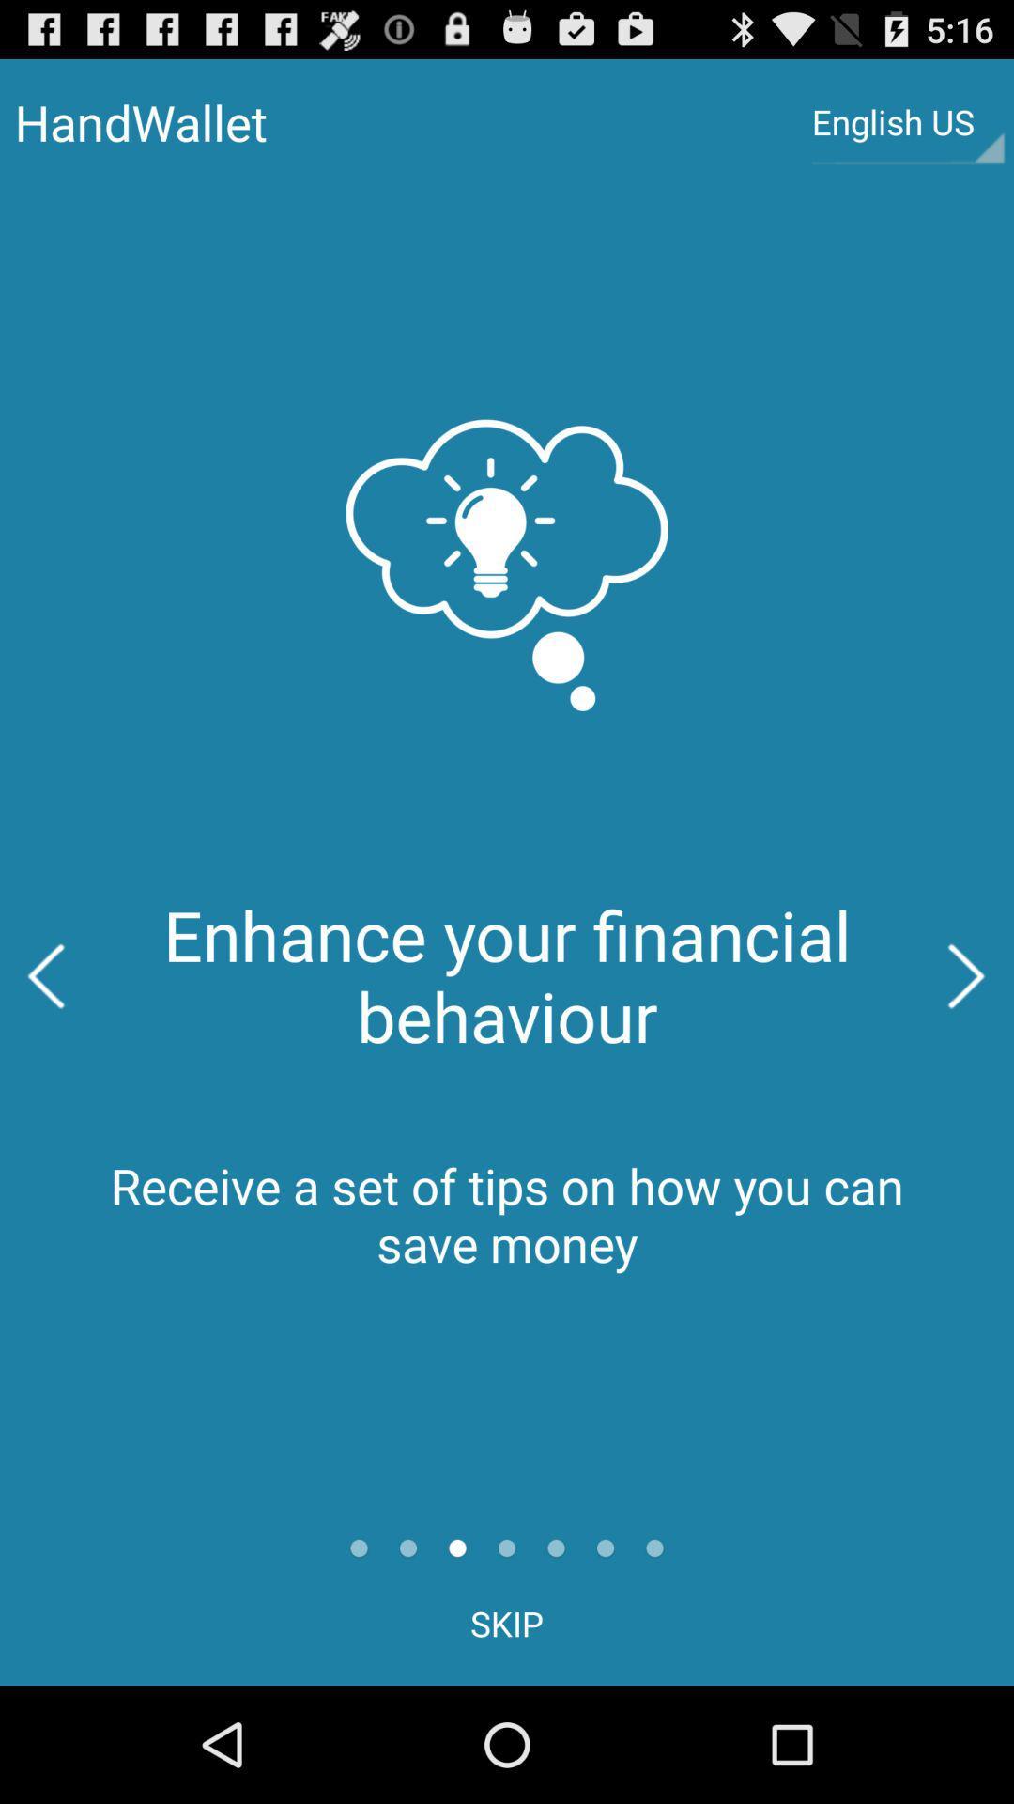 Image resolution: width=1014 pixels, height=1804 pixels. What do you see at coordinates (45, 1044) in the screenshot?
I see `the arrow_backward icon` at bounding box center [45, 1044].